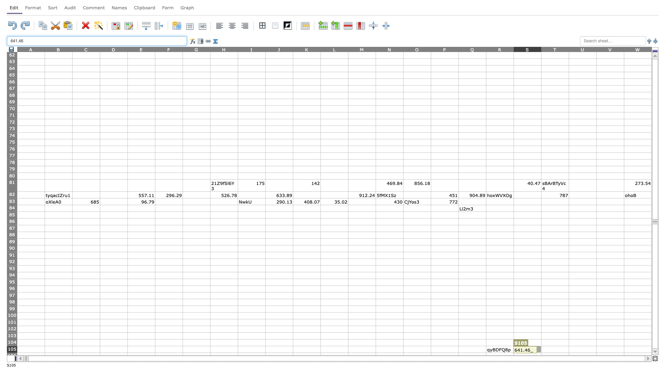  Describe the element at coordinates (596, 349) in the screenshot. I see `Right side boundary of U105` at that location.